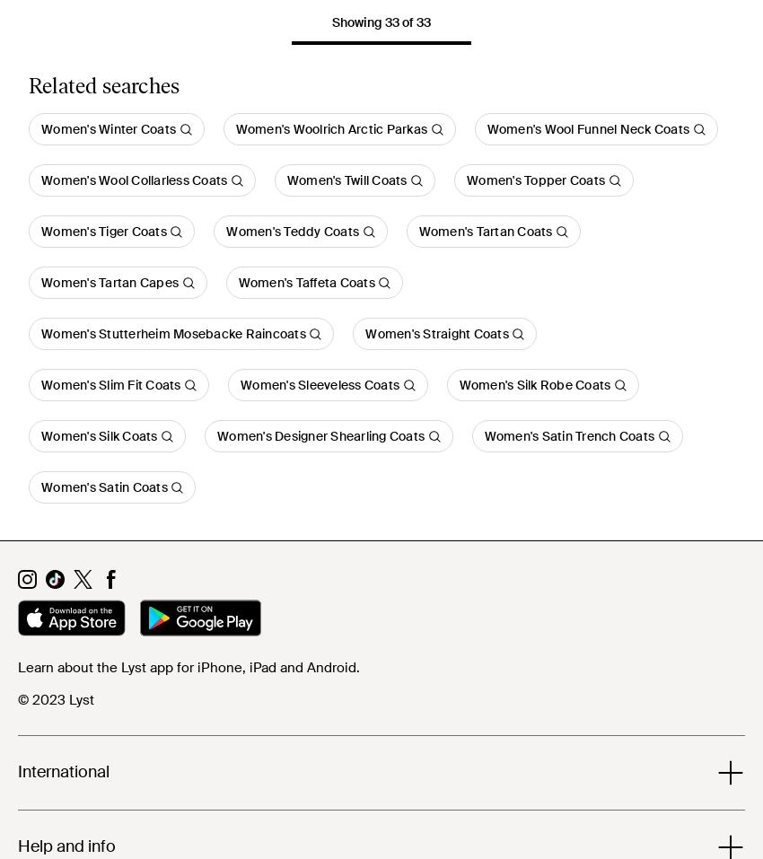  What do you see at coordinates (216, 435) in the screenshot?
I see `'Women's Designer Shearling Coats'` at bounding box center [216, 435].